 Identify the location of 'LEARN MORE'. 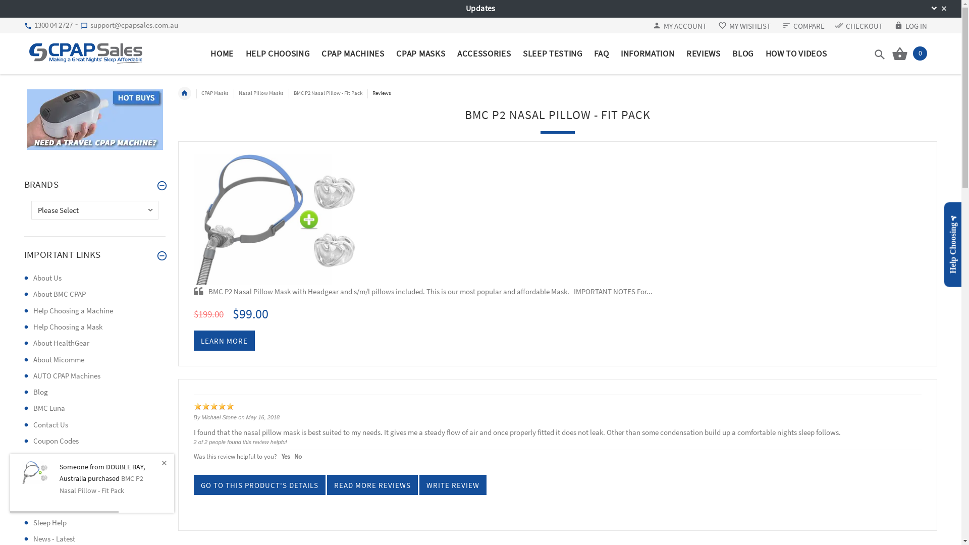
(224, 341).